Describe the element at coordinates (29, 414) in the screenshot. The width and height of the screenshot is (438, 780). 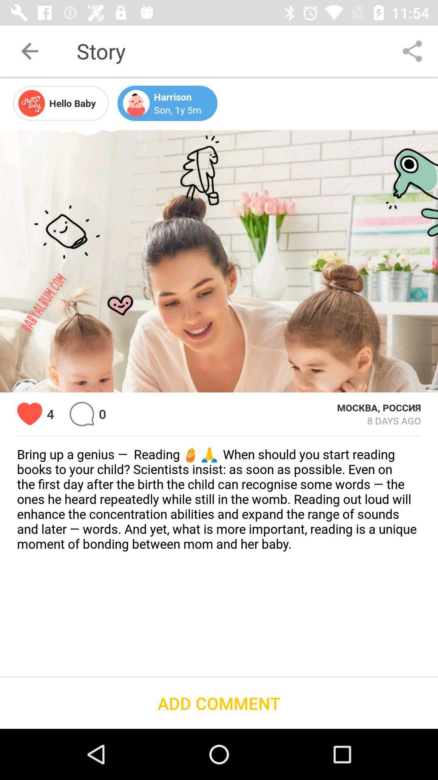
I see `the favorite icon` at that location.